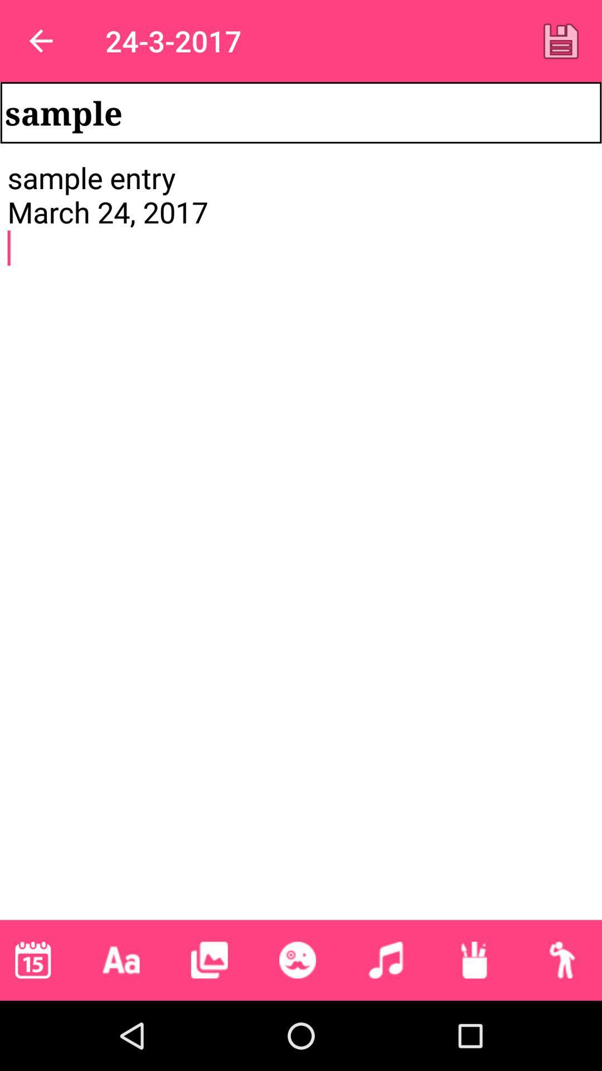  What do you see at coordinates (385, 959) in the screenshot?
I see `music` at bounding box center [385, 959].